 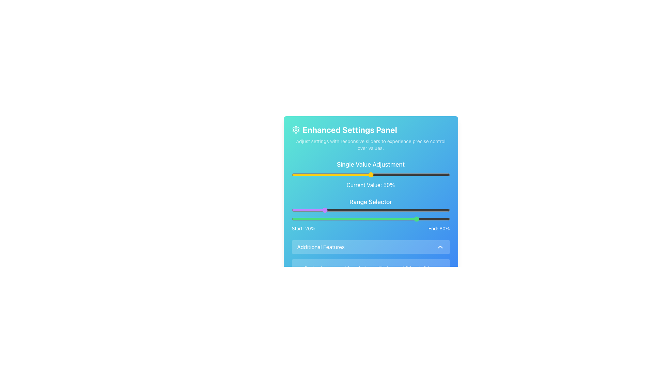 I want to click on the Settings icon, a small gear-shaped icon located to the left of the 'Enhanced Settings Panel' title in the header section, so click(x=296, y=130).